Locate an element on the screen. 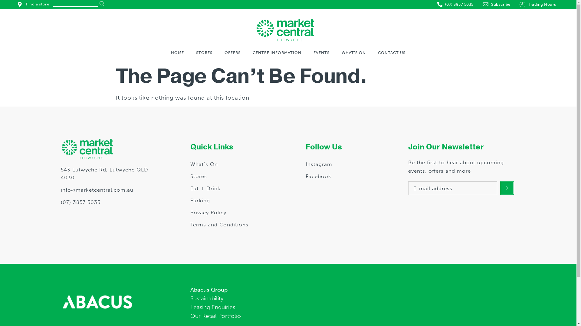 The image size is (581, 326). 'info@marketcentral.com.au' is located at coordinates (61, 190).